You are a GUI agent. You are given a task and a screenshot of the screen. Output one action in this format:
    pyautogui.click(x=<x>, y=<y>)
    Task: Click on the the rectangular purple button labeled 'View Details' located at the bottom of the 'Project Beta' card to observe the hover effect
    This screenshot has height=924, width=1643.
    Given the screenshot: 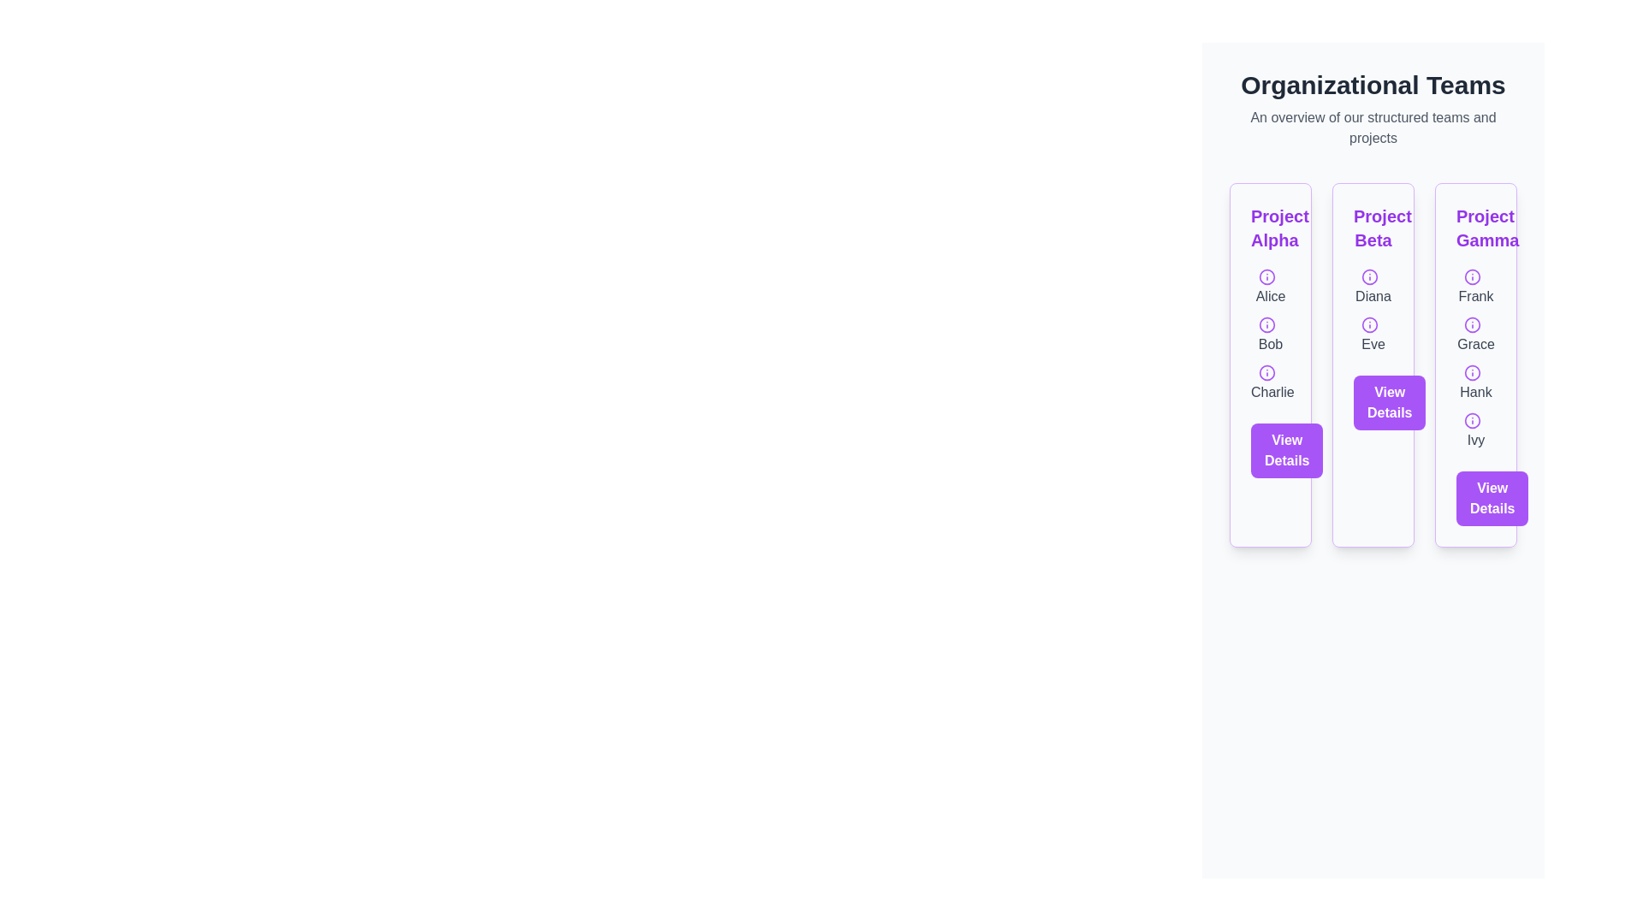 What is the action you would take?
    pyautogui.click(x=1390, y=402)
    